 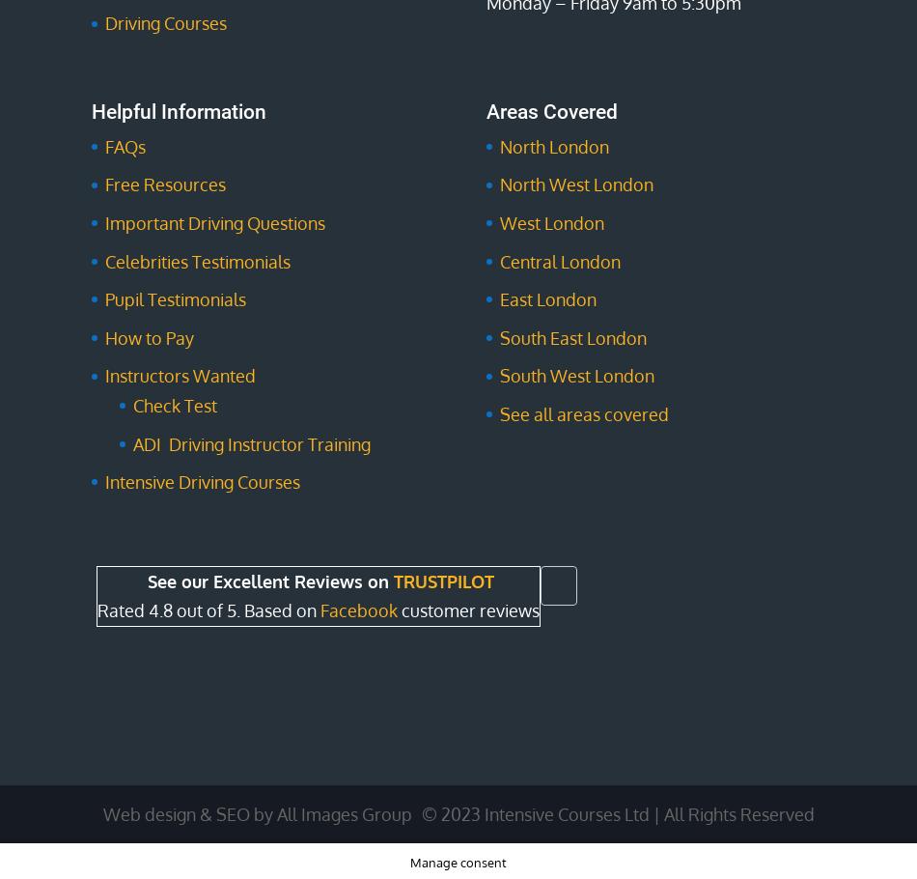 I want to click on 'Instructors Wanted', so click(x=180, y=376).